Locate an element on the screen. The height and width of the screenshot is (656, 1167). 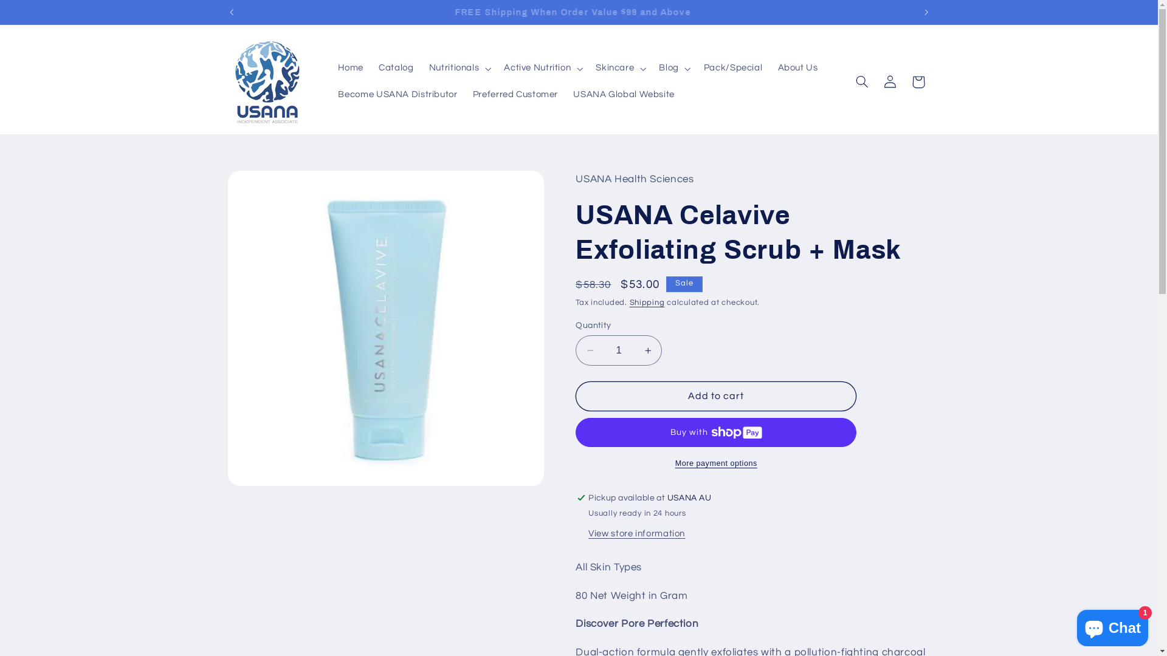
'View store information' is located at coordinates (636, 533).